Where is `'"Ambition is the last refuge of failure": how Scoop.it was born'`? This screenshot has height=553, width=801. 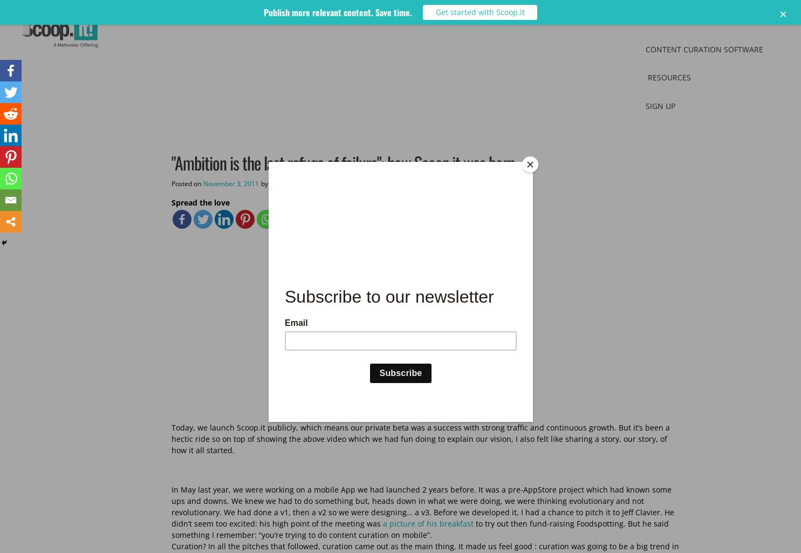 '"Ambition is the last refuge of failure": how Scoop.it was born' is located at coordinates (170, 162).